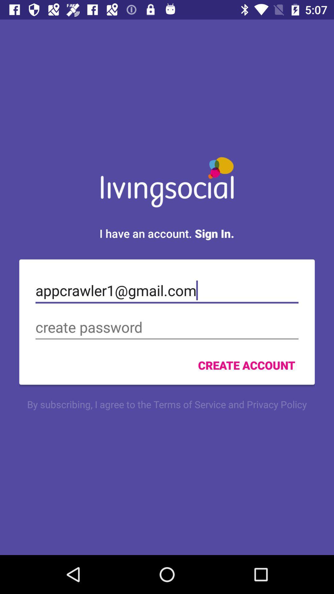  Describe the element at coordinates (166, 233) in the screenshot. I see `the i have an item` at that location.